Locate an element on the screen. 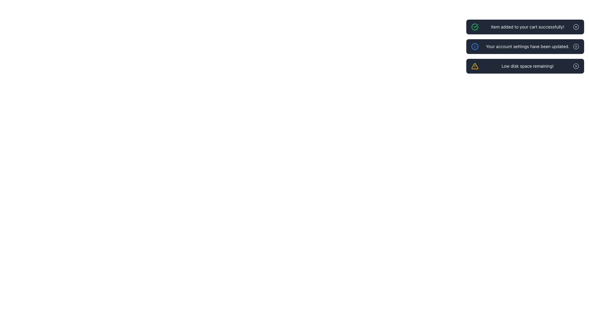 This screenshot has height=331, width=589. the appearance of the circular 'close' icon decoration located at the bottom-right corner of the notification box with the text 'Low disk space remaining!' is located at coordinates (576, 66).